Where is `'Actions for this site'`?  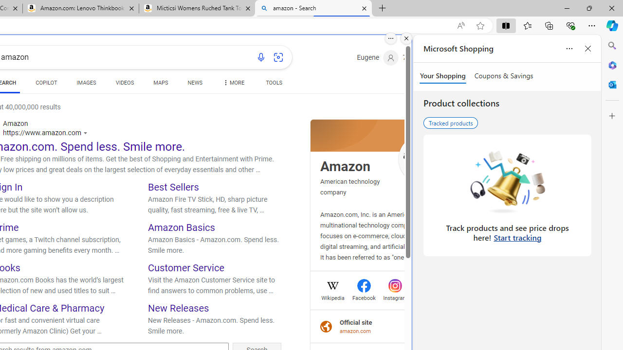
'Actions for this site' is located at coordinates (87, 133).